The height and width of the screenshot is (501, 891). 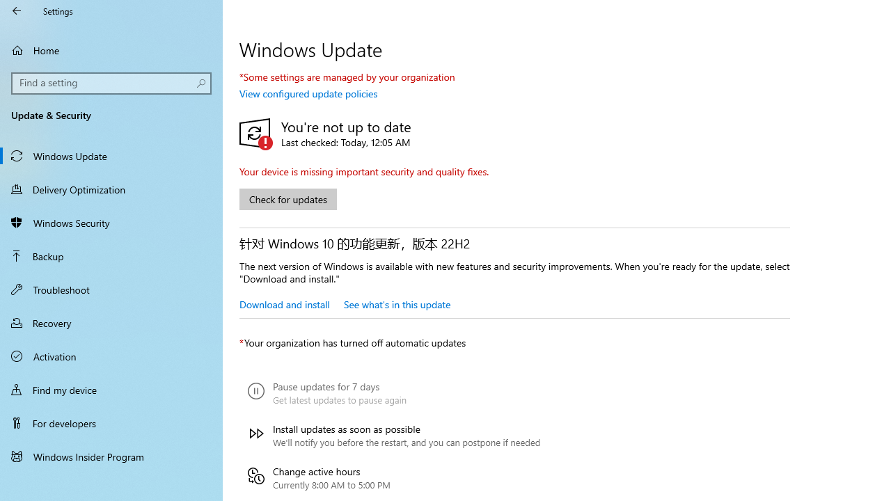 I want to click on 'Backup', so click(x=111, y=255).